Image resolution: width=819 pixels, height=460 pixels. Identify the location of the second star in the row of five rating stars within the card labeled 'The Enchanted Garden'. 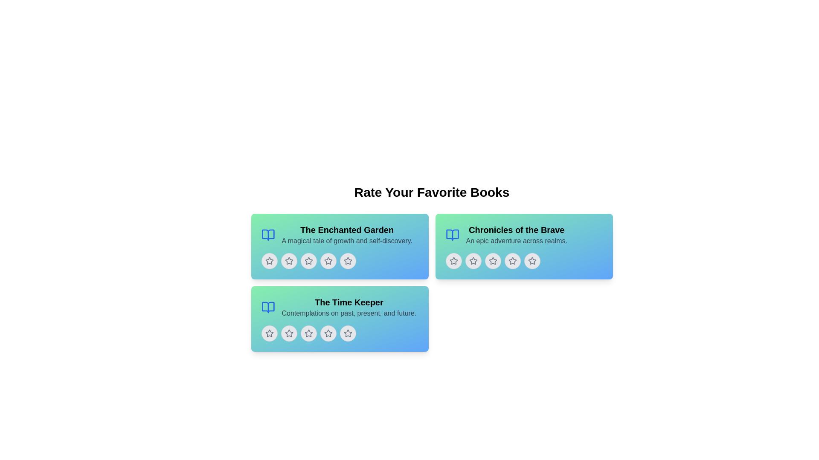
(289, 261).